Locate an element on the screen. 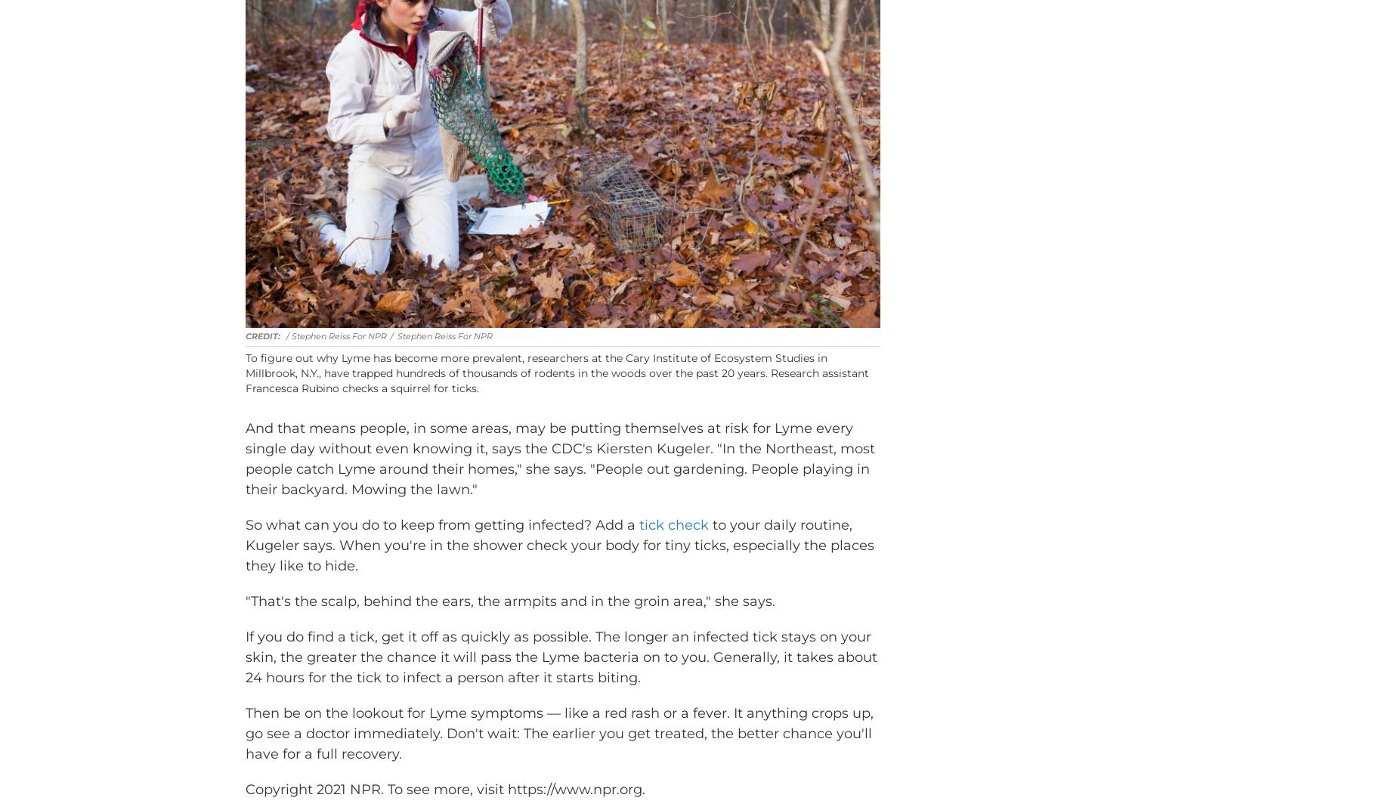 The image size is (1398, 810). '/' is located at coordinates (391, 358).